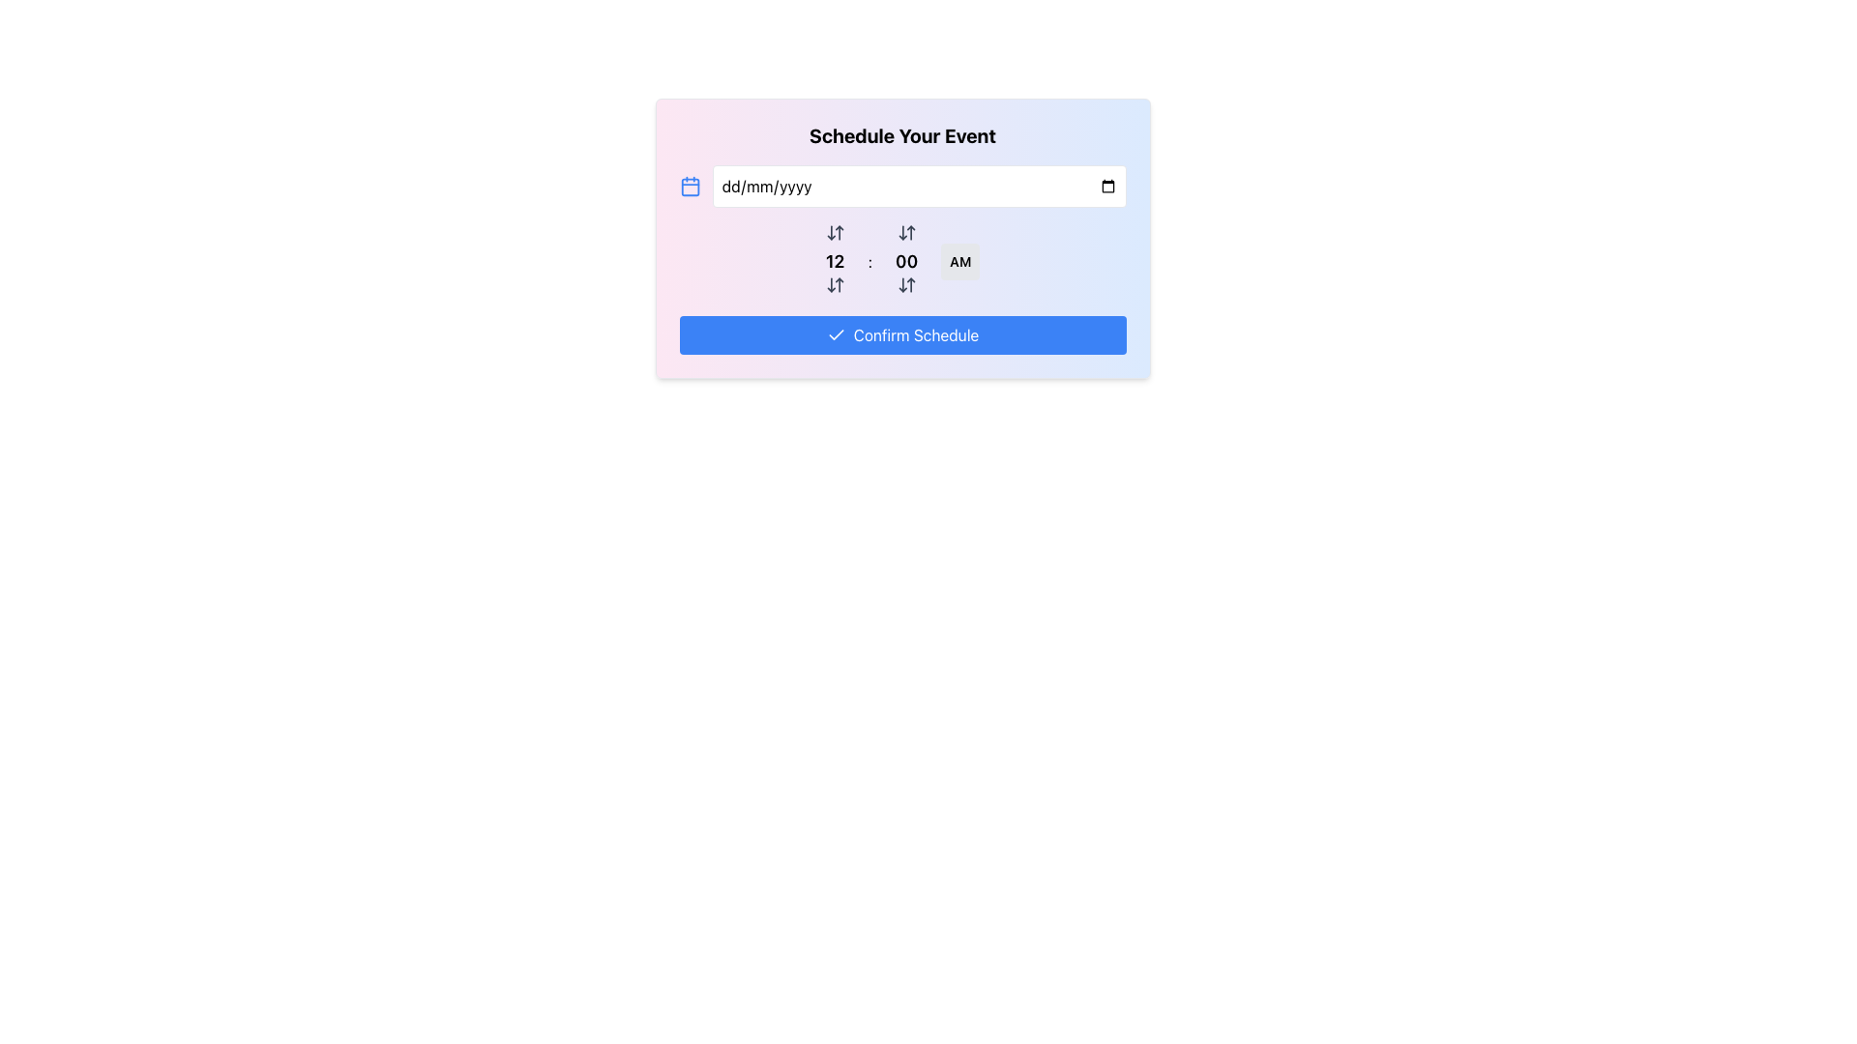 The height and width of the screenshot is (1044, 1857). Describe the element at coordinates (835, 284) in the screenshot. I see `the bidirectional arrow button located directly below the hour indicator '12' in the time selection interface to increase the hour` at that location.